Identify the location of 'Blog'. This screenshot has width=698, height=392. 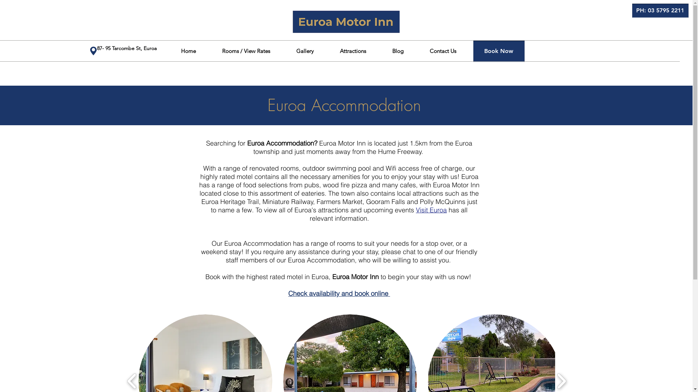
(378, 50).